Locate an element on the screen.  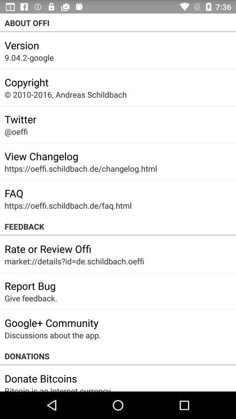
the give feedback. item is located at coordinates (30, 298).